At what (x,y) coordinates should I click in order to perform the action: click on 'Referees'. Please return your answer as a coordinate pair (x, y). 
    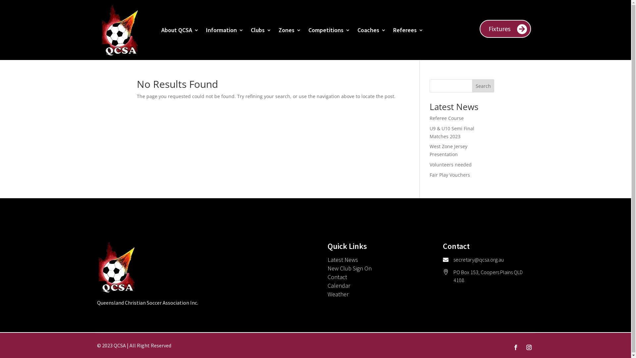
    Looking at the image, I should click on (393, 30).